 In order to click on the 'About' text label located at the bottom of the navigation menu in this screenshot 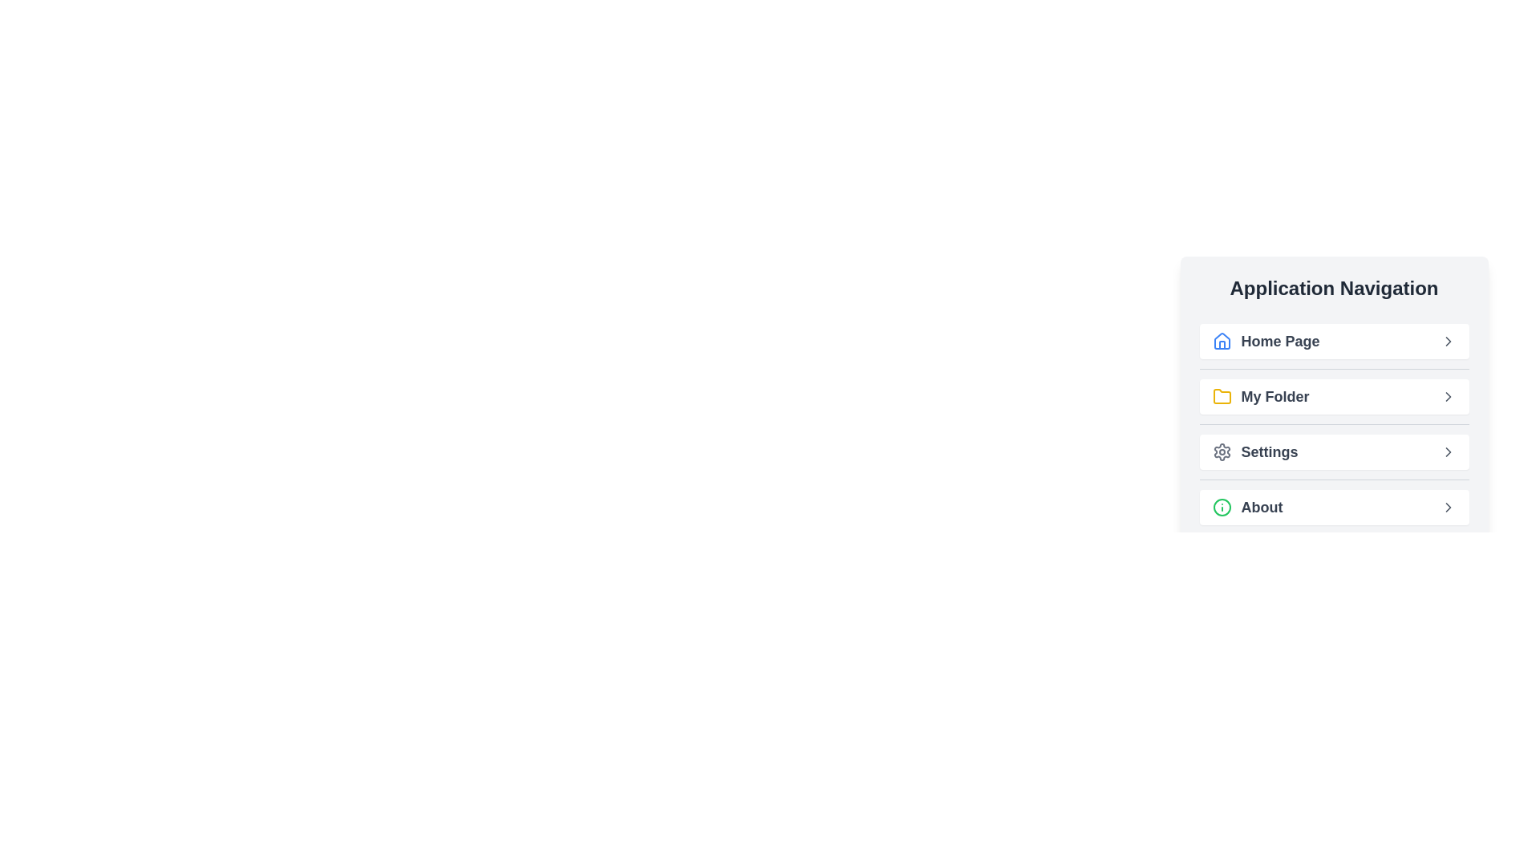, I will do `click(1261, 507)`.